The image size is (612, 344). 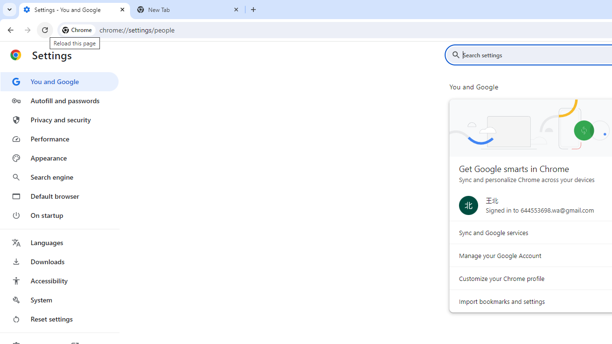 What do you see at coordinates (59, 261) in the screenshot?
I see `'Downloads'` at bounding box center [59, 261].